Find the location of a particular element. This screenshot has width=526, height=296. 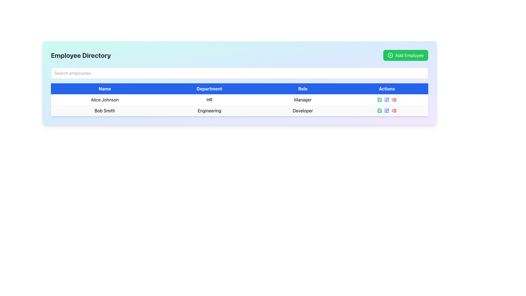

the second row of the table displaying details about an individual entry, which includes name, department, and role, located beneath the row for 'Alice Johnson' is located at coordinates (239, 111).